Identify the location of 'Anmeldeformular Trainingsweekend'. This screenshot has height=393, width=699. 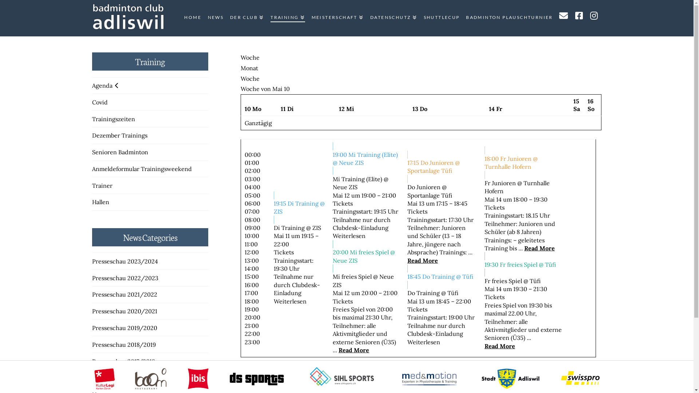
(141, 168).